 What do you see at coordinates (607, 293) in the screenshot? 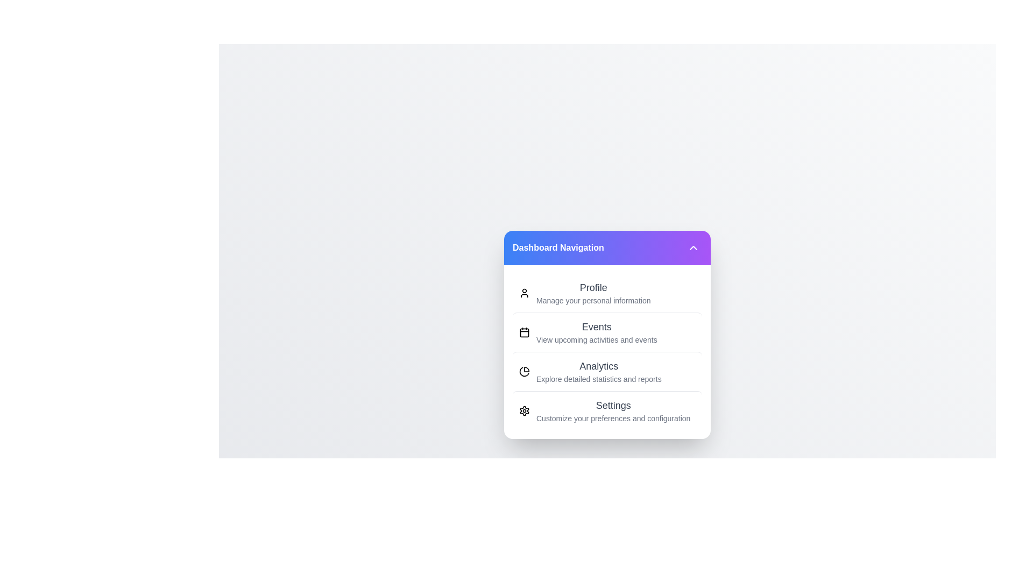
I see `the menu item labeled 'Profile' to preview its hover state` at bounding box center [607, 293].